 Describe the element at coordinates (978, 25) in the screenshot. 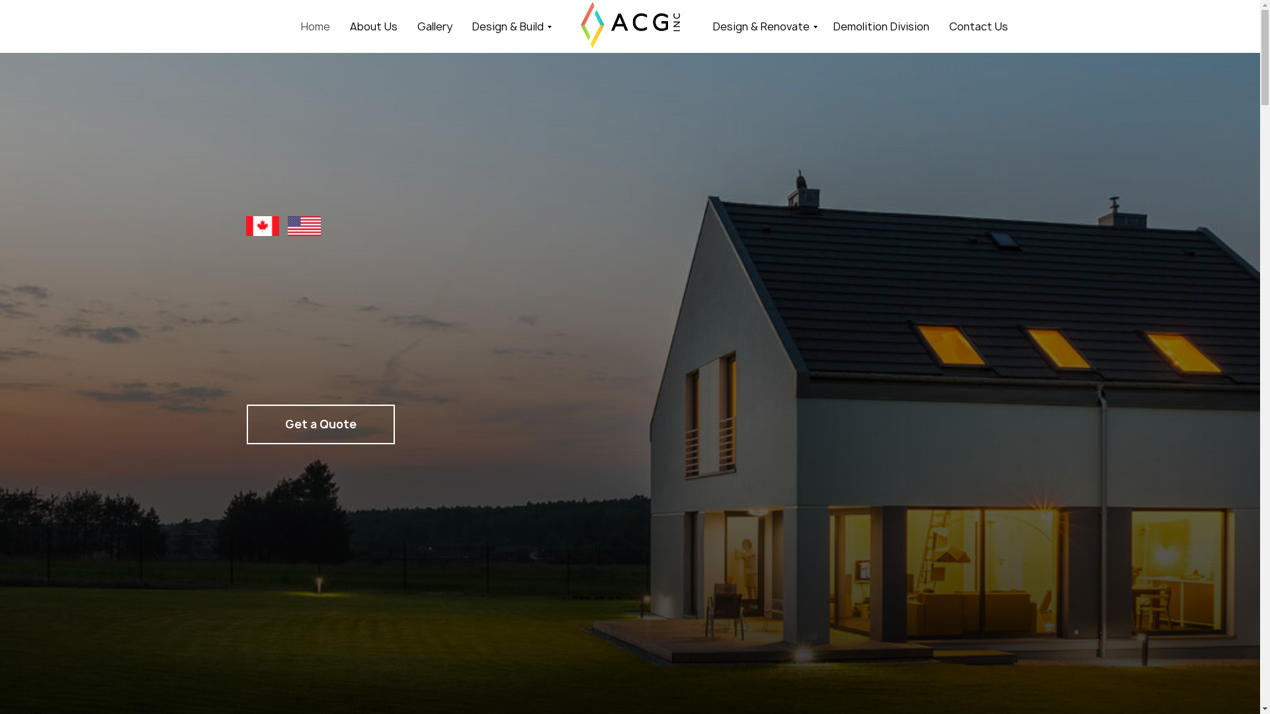

I see `'Contact Us'` at that location.